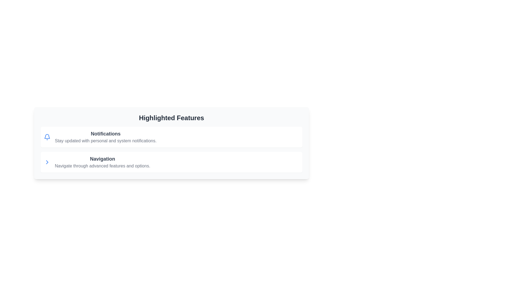 The height and width of the screenshot is (295, 524). What do you see at coordinates (102, 166) in the screenshot?
I see `the static text element that reads 'Navigate through advanced features and options', which is styled in gray and positioned beneath the 'Navigation' heading` at bounding box center [102, 166].